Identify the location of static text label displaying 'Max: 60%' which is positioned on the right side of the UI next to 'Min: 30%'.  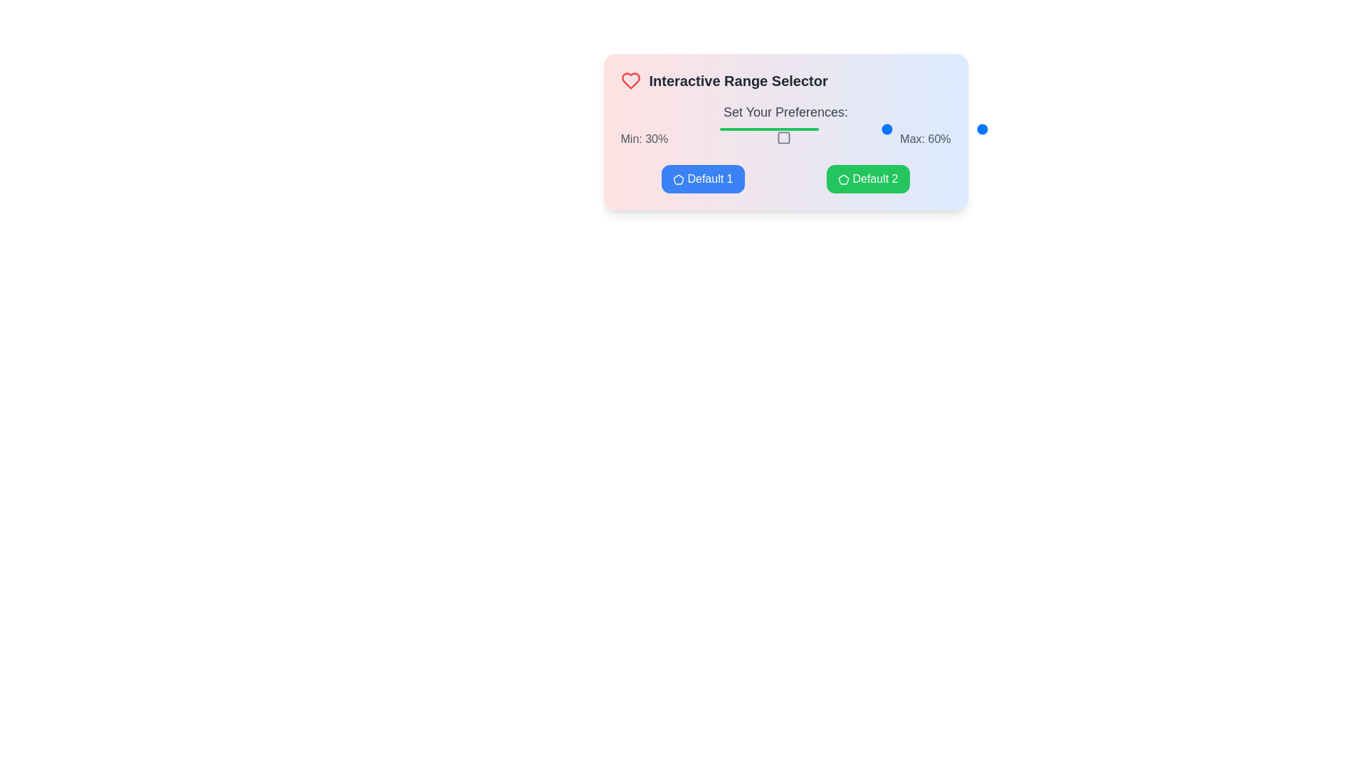
(925, 139).